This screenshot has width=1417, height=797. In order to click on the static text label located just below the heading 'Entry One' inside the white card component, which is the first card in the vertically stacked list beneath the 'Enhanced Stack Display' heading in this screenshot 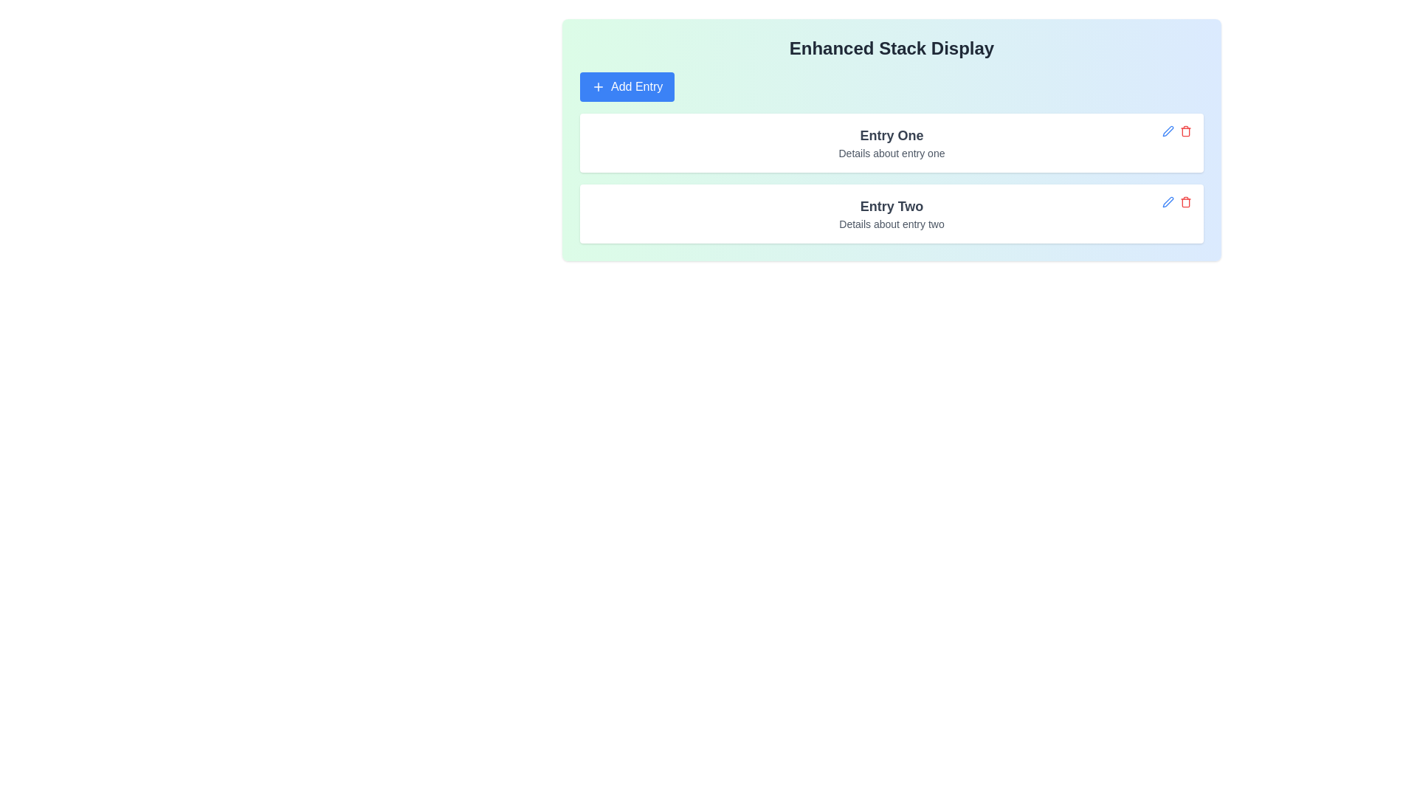, I will do `click(891, 153)`.